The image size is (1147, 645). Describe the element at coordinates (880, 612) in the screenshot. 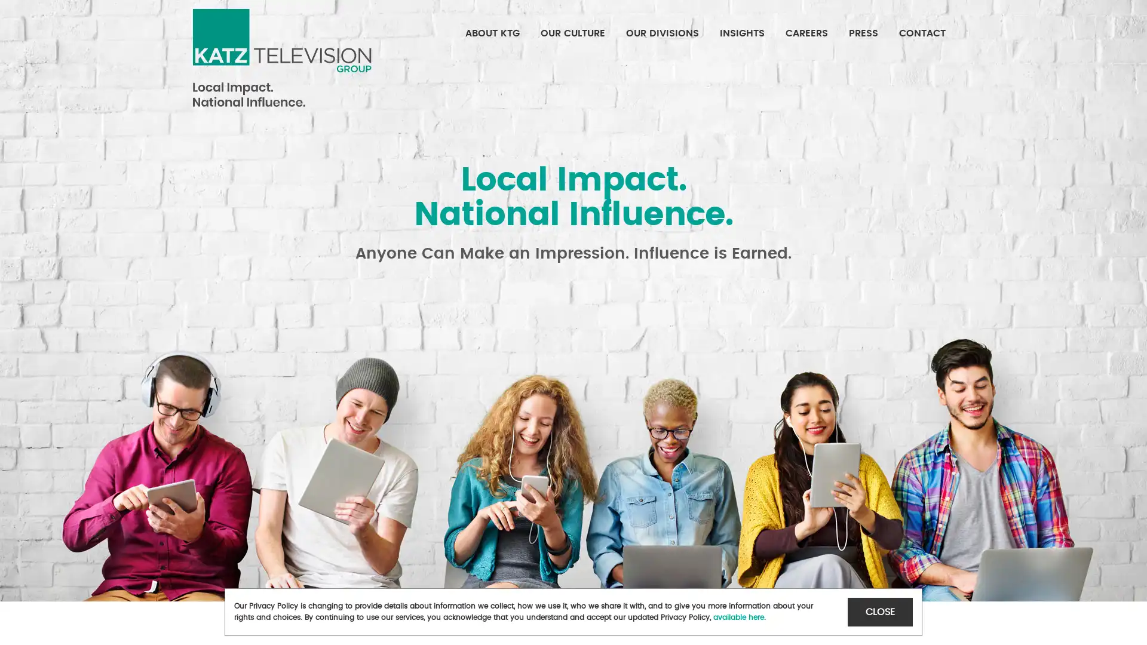

I see `CLOSE` at that location.